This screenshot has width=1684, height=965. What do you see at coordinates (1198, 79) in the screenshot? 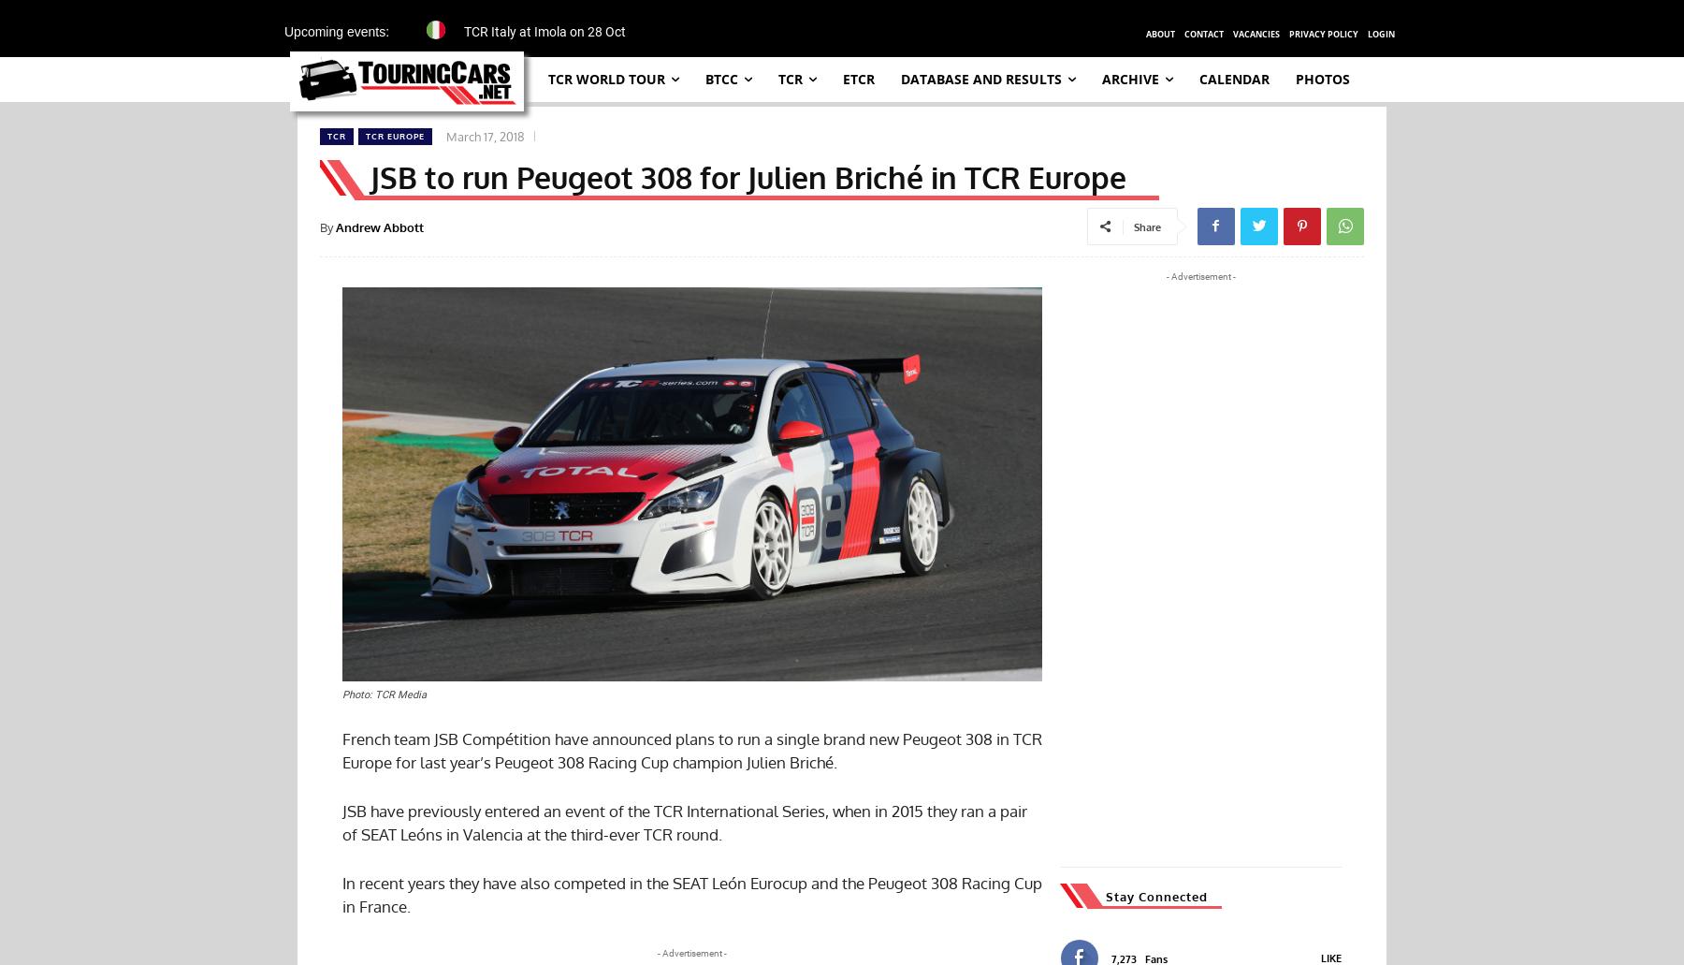
I see `'Calendar'` at bounding box center [1198, 79].